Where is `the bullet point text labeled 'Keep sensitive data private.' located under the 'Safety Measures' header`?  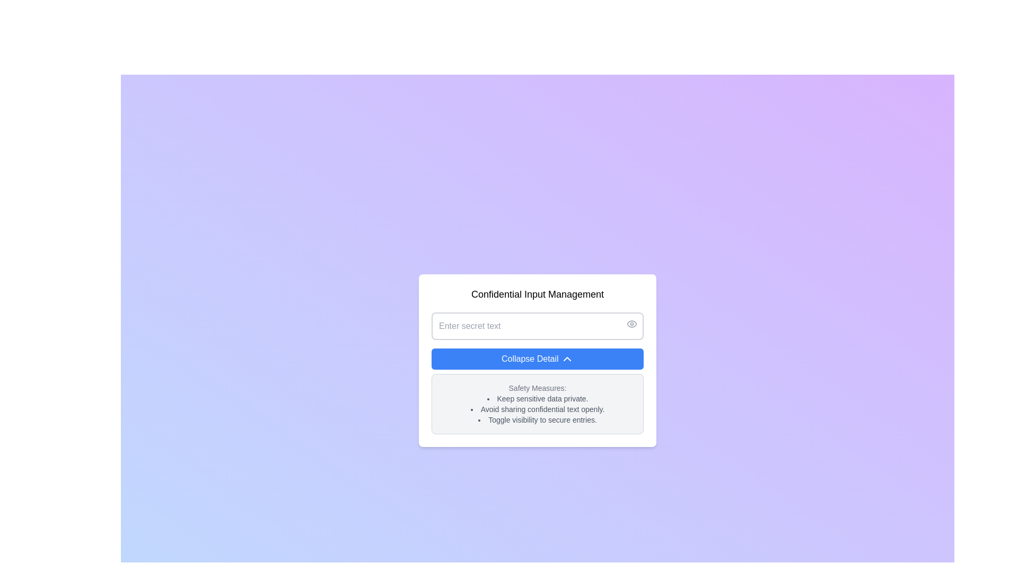 the bullet point text labeled 'Keep sensitive data private.' located under the 'Safety Measures' header is located at coordinates (537, 398).